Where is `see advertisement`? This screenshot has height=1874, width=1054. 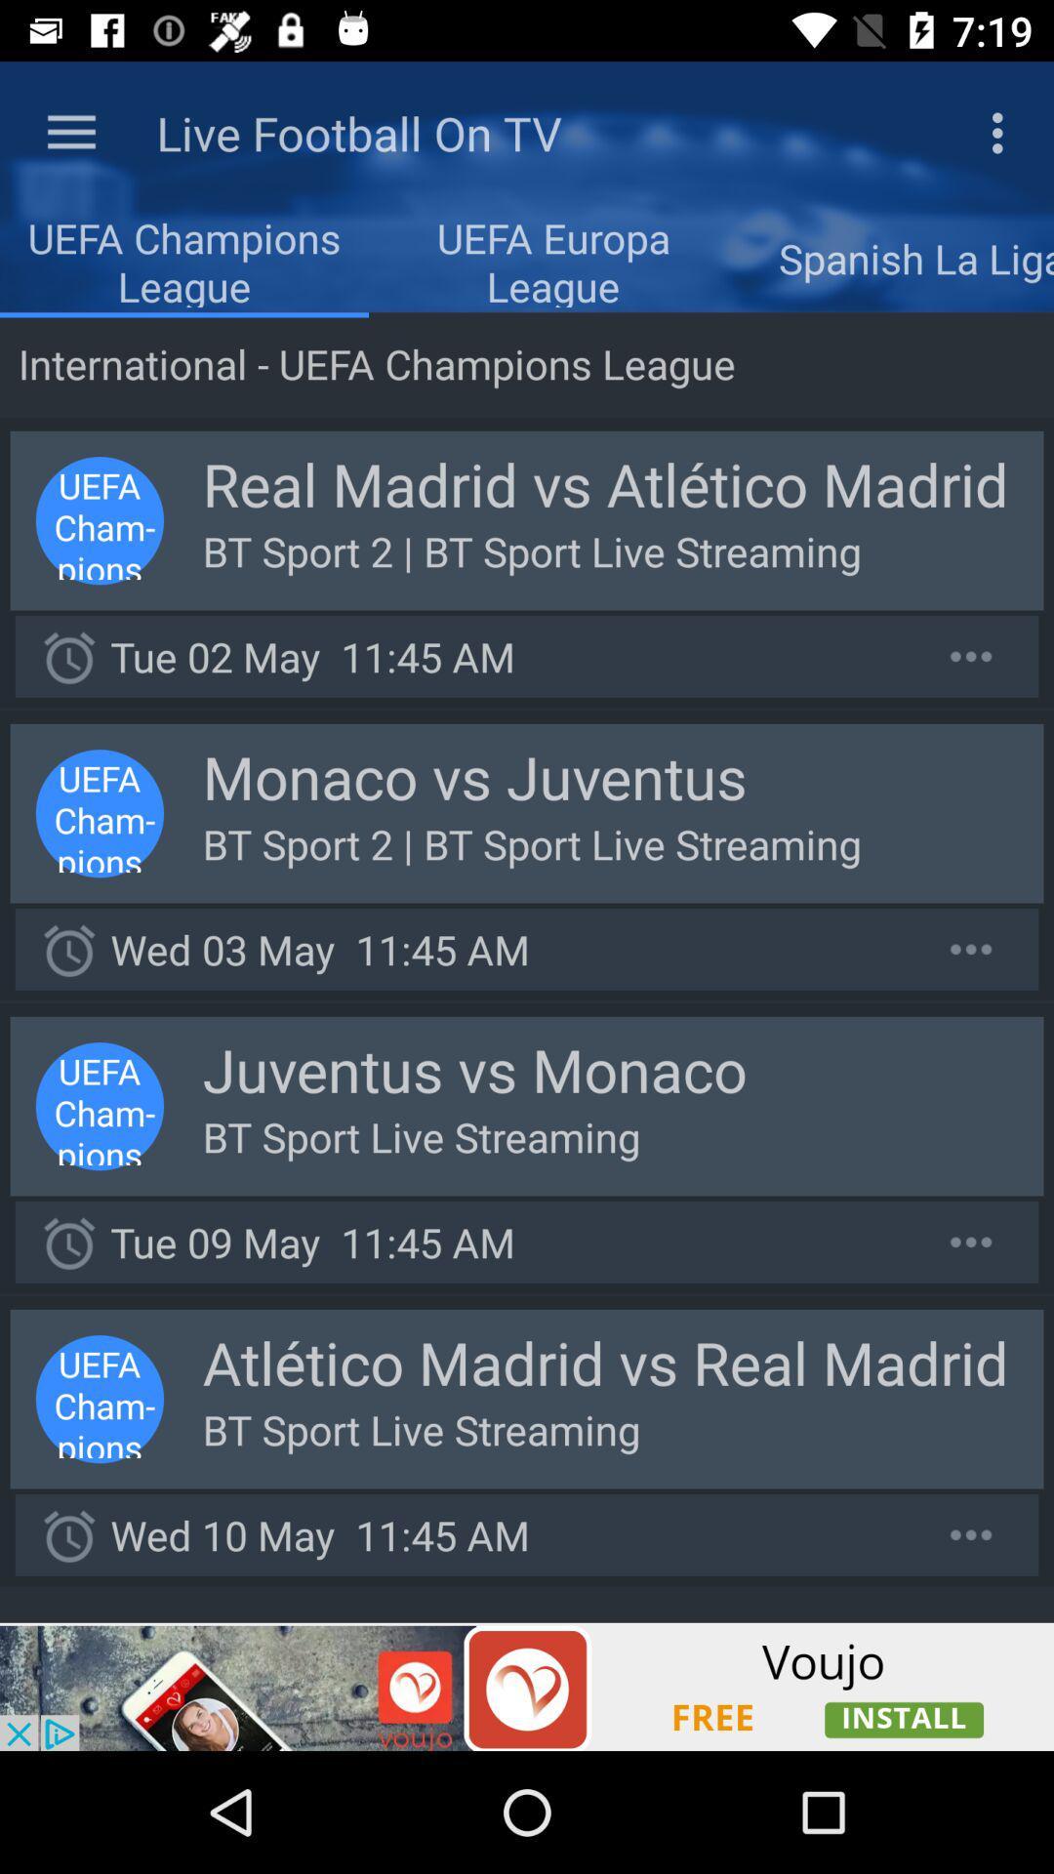
see advertisement is located at coordinates (527, 1686).